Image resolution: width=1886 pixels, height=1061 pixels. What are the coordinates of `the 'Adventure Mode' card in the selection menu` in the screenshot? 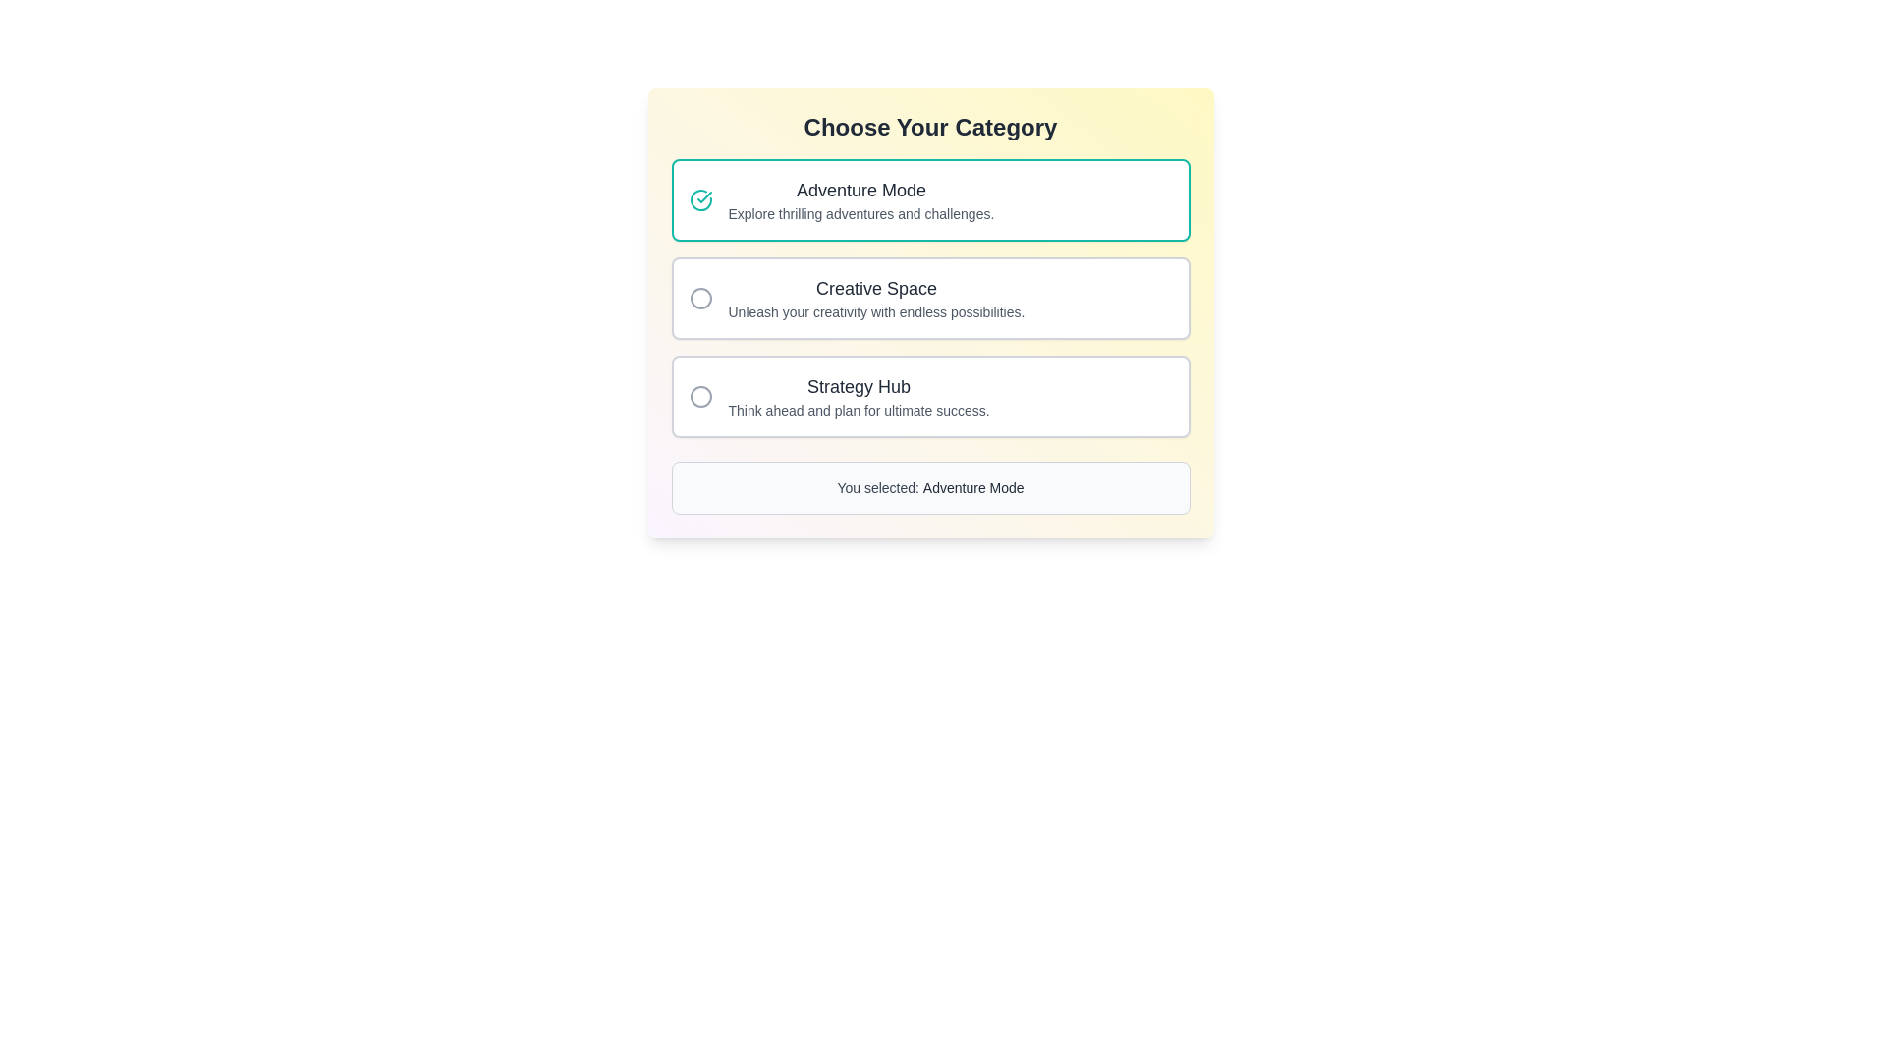 It's located at (860, 200).